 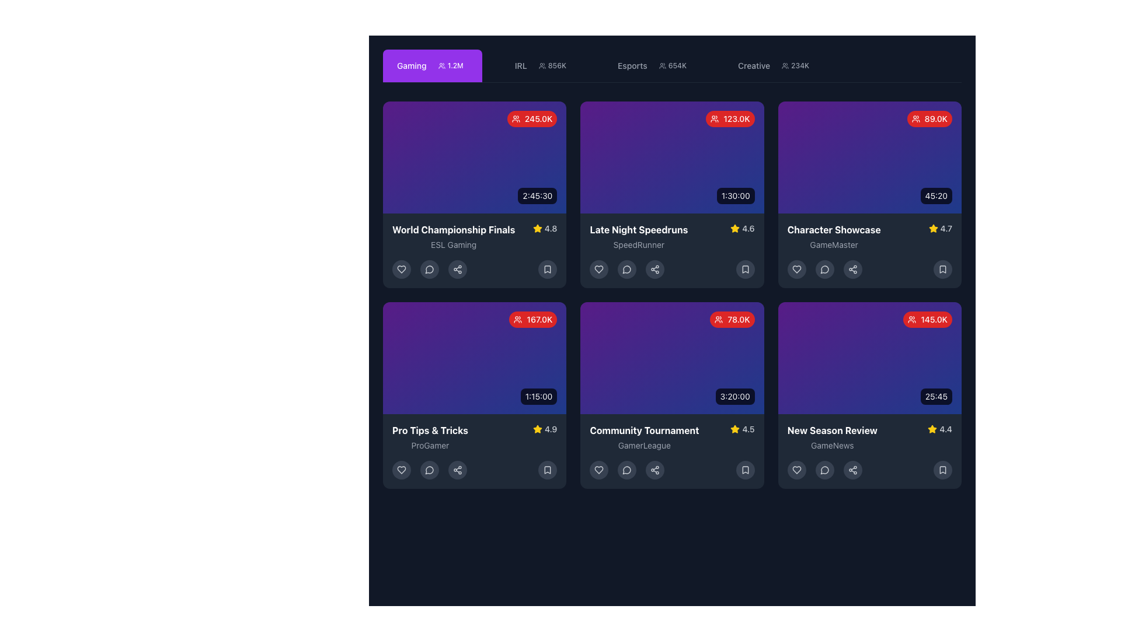 What do you see at coordinates (736, 119) in the screenshot?
I see `the Text label displaying '123.0K' in a small font on a red background, located in the top-right corner of the 'Late Night Speedruns' card` at bounding box center [736, 119].